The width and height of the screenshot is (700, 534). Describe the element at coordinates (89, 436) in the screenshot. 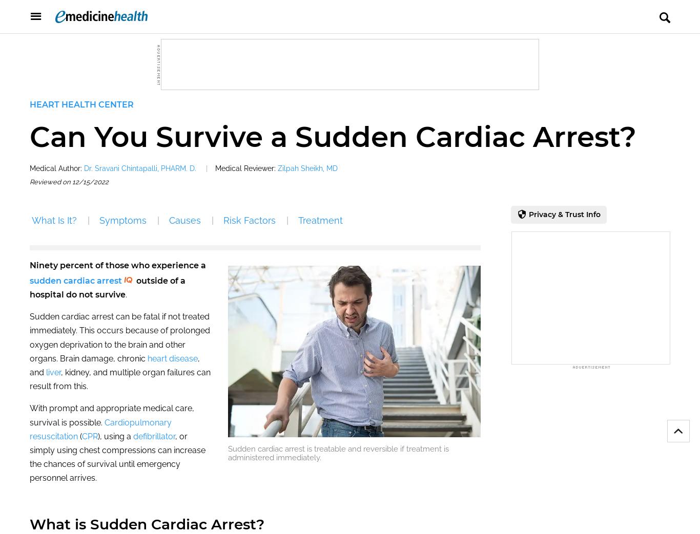

I see `'CPR'` at that location.